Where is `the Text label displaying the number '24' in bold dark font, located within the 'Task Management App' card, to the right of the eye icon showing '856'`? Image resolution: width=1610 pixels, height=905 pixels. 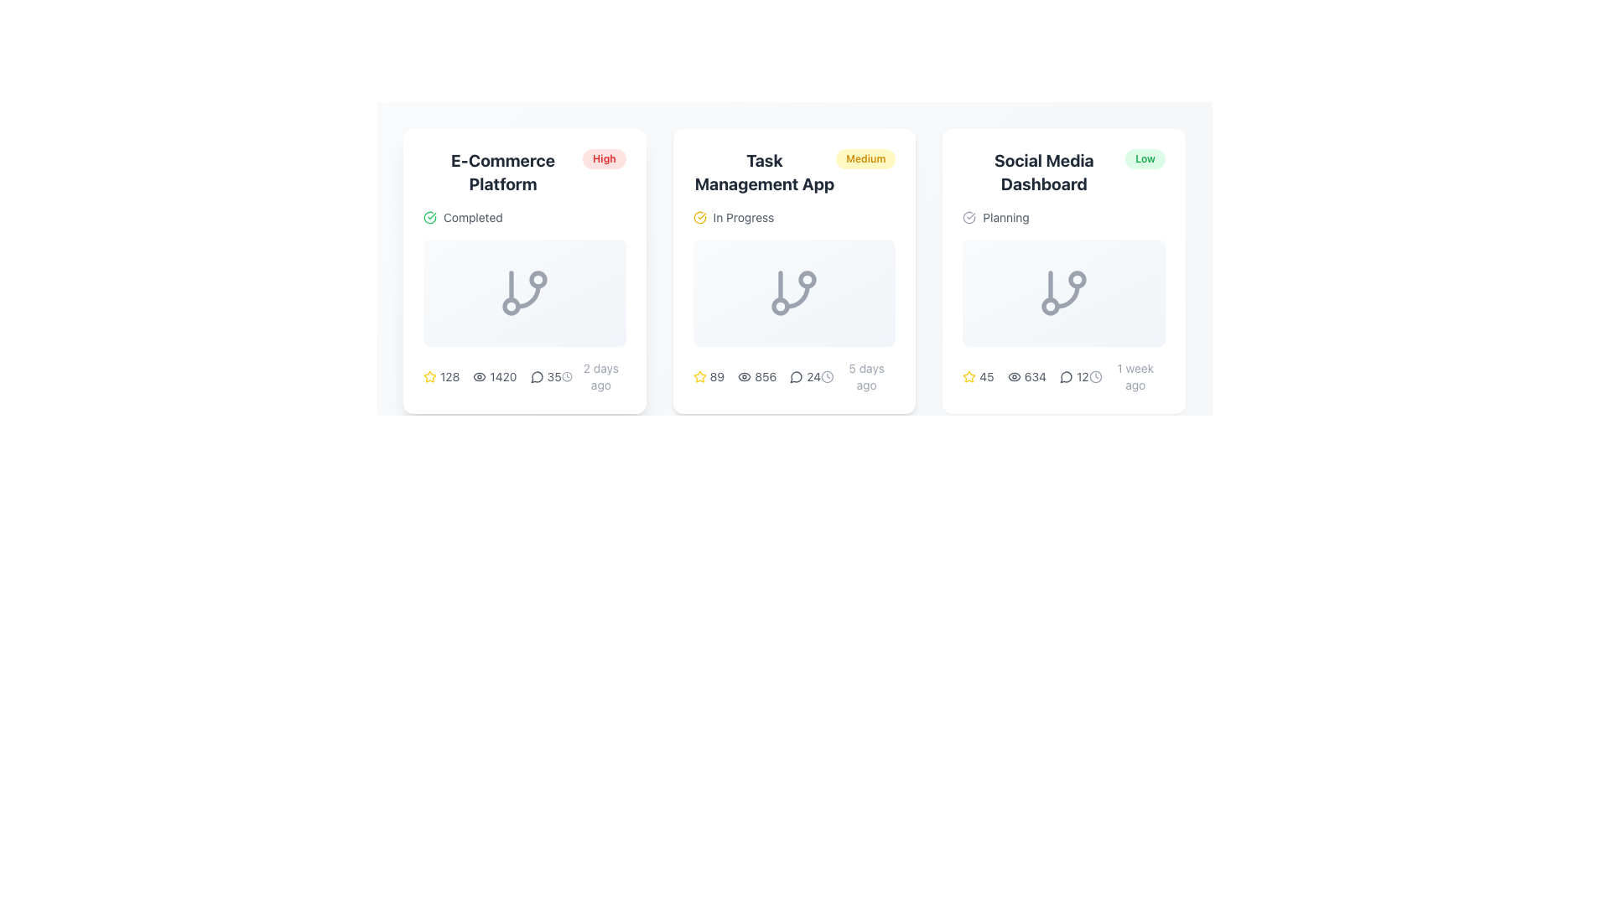
the Text label displaying the number '24' in bold dark font, located within the 'Task Management App' card, to the right of the eye icon showing '856' is located at coordinates (813, 377).